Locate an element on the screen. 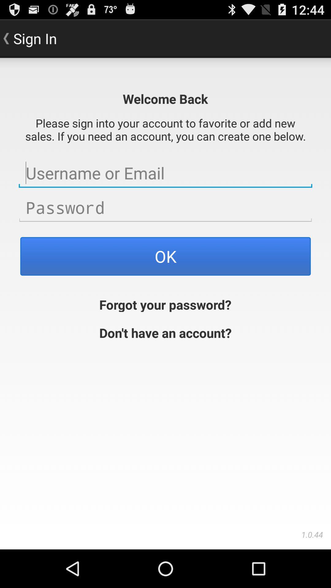  don t have app is located at coordinates (165, 332).